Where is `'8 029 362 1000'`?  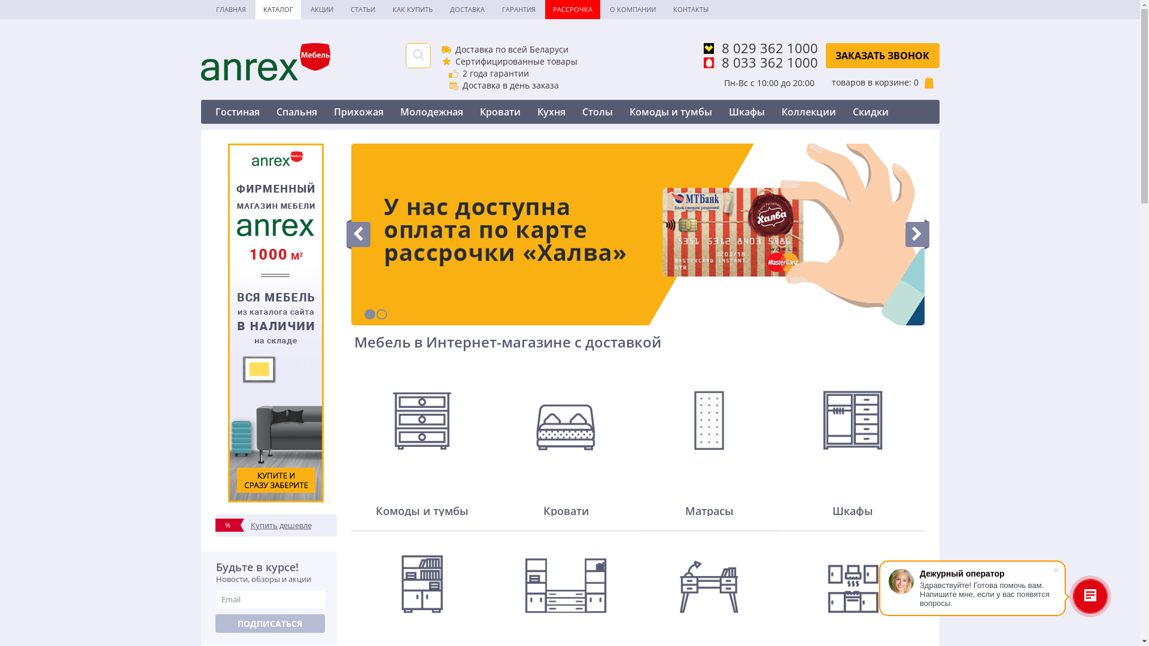
'8 029 362 1000' is located at coordinates (760, 47).